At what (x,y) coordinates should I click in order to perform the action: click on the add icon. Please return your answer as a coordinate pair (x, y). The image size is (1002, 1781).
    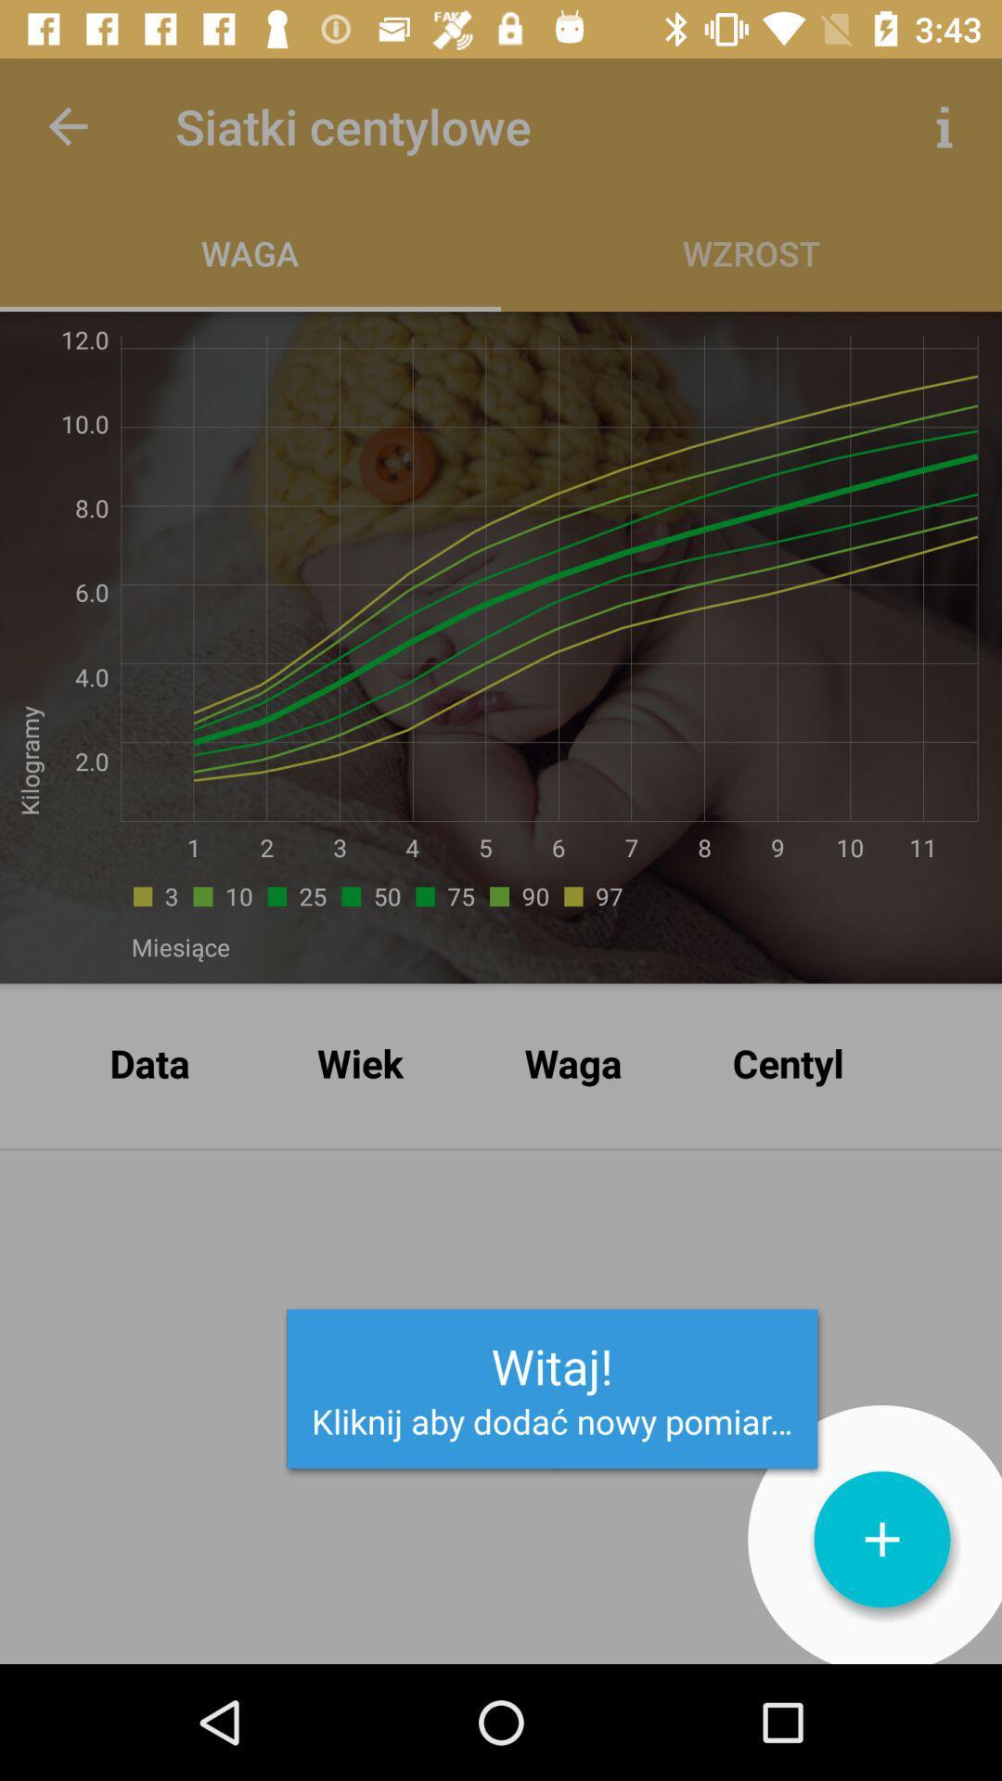
    Looking at the image, I should click on (881, 1539).